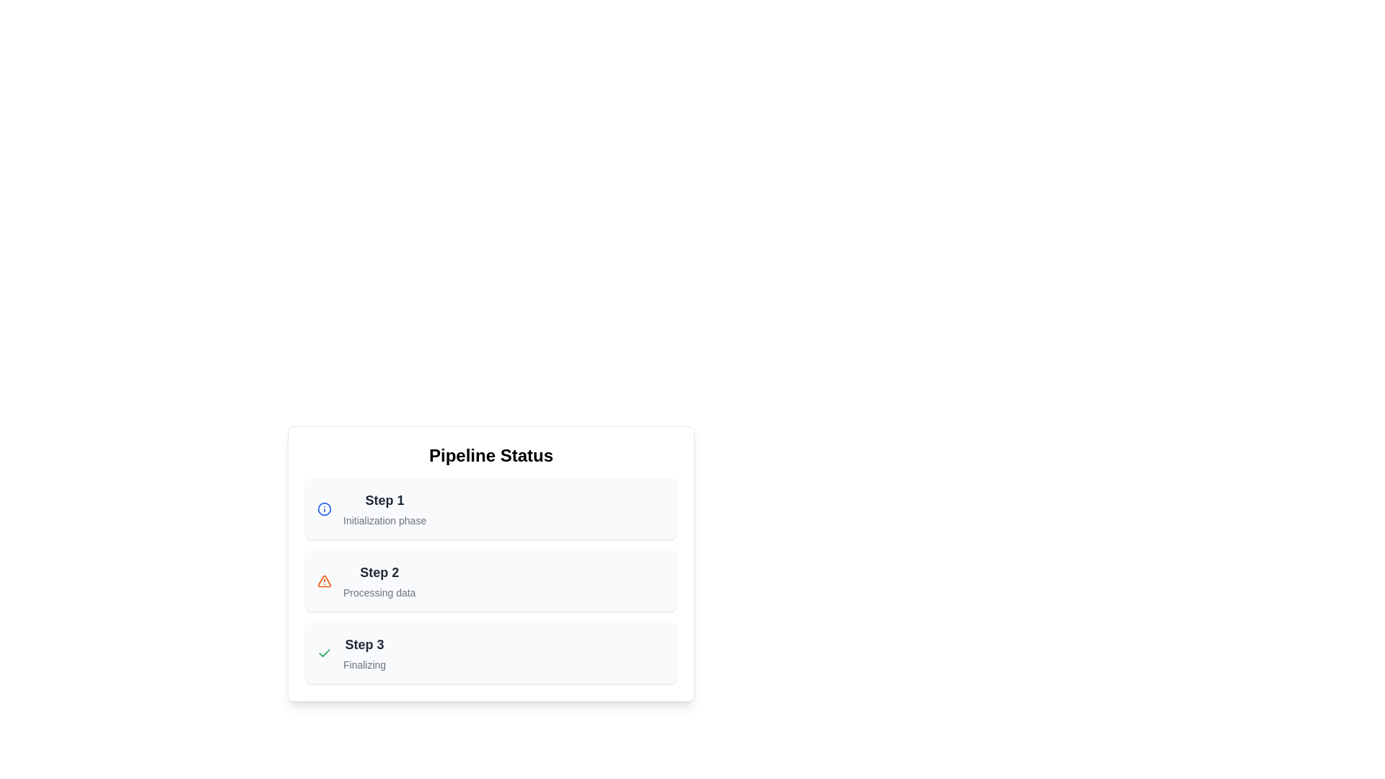 Image resolution: width=1385 pixels, height=779 pixels. I want to click on the SVG circle element that represents the outer boundary of the blue icon for 'Step 1: Initialization phase' in the 'Pipeline Status' sequence, so click(324, 508).